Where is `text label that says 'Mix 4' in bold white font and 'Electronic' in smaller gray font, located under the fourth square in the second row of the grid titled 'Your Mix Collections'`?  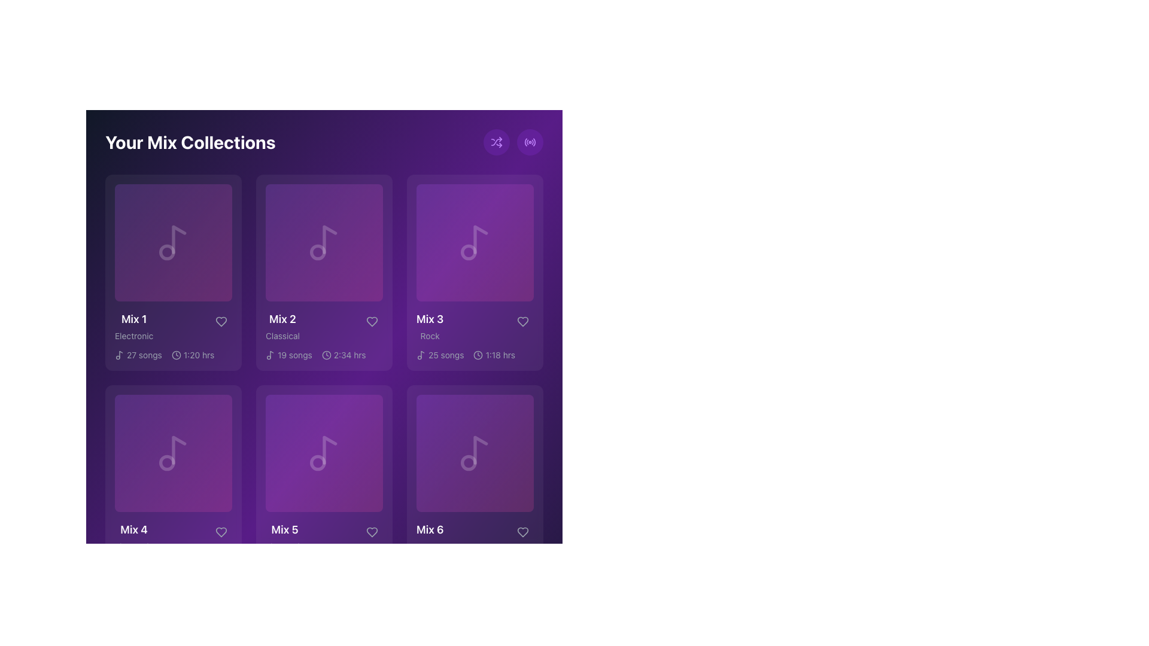 text label that says 'Mix 4' in bold white font and 'Electronic' in smaller gray font, located under the fourth square in the second row of the grid titled 'Your Mix Collections' is located at coordinates (172, 537).